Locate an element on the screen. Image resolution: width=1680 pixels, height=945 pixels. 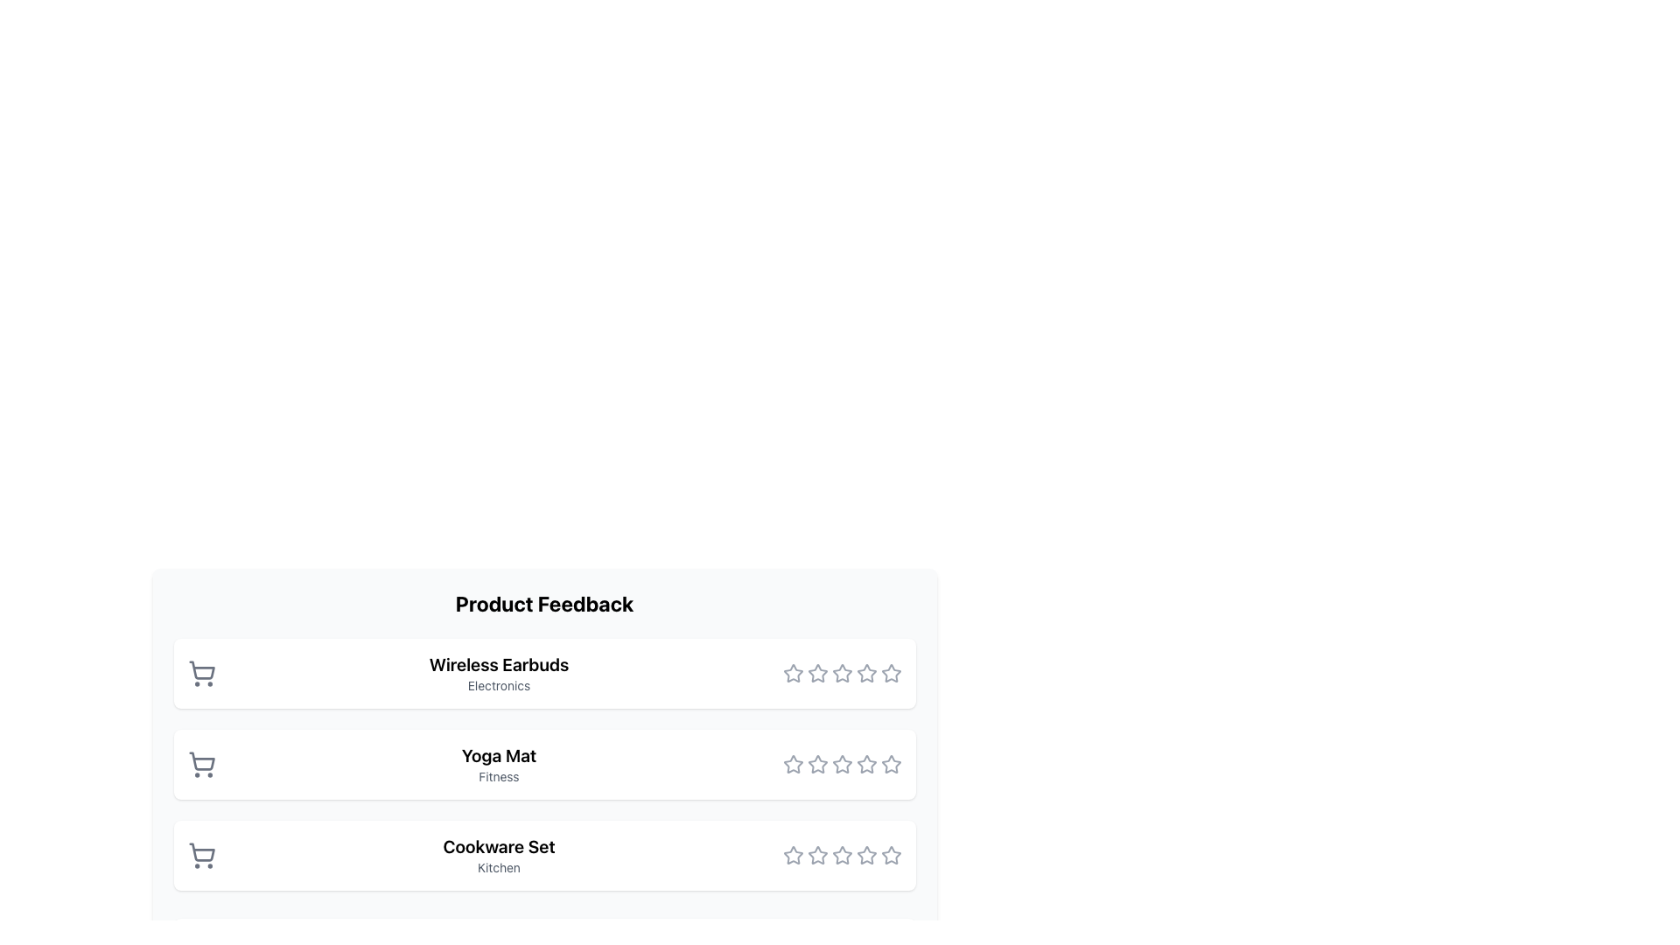
text label displaying 'Yoga Mat' title and 'Fitness' subtitle, which is the second entry in a structured item list is located at coordinates (498, 764).